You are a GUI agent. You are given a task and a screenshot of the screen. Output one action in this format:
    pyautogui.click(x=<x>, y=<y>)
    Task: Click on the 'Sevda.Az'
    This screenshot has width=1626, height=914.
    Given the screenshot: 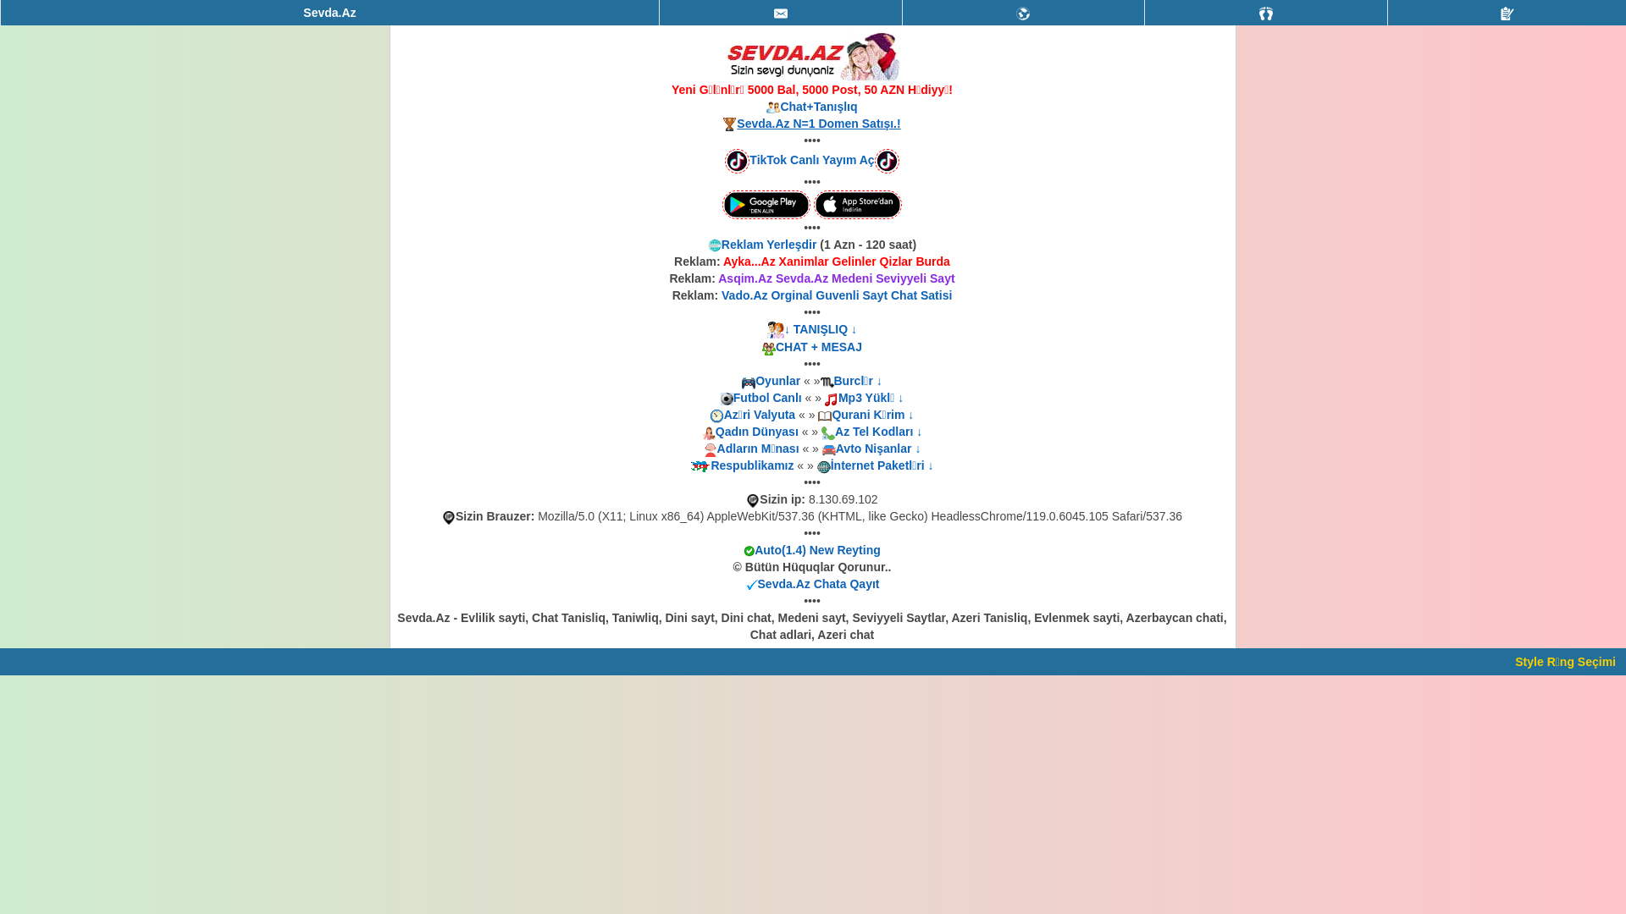 What is the action you would take?
    pyautogui.click(x=329, y=13)
    